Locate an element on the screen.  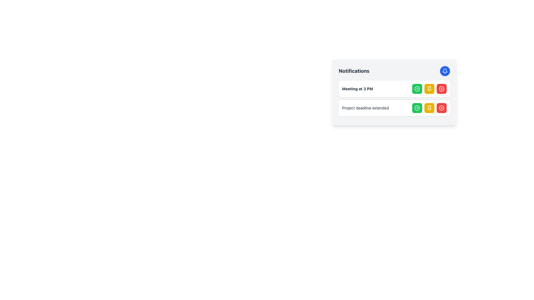
the blue circular bell button in the Notifications section is located at coordinates (394, 71).